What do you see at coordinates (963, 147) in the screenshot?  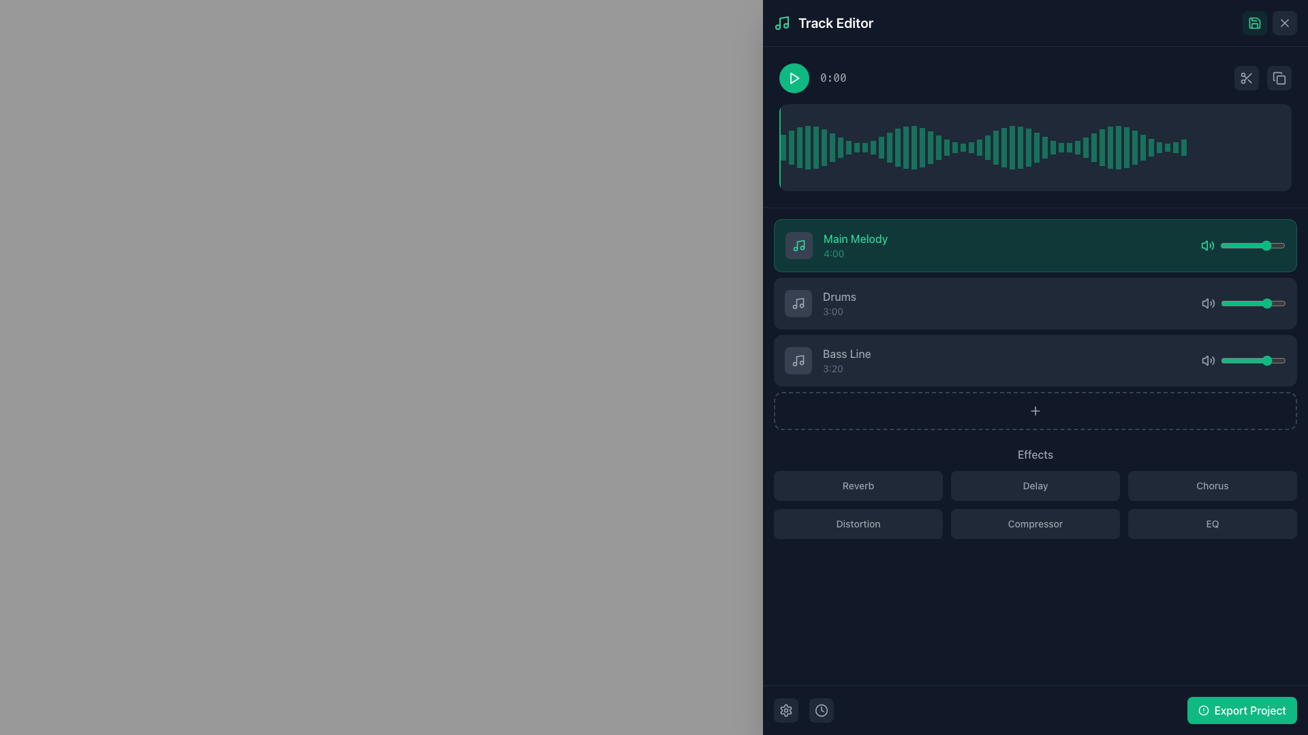 I see `the detail of the graphical waveform segment, a thin vertical emerald green bar located at the 24th position within the waveform visualization` at bounding box center [963, 147].